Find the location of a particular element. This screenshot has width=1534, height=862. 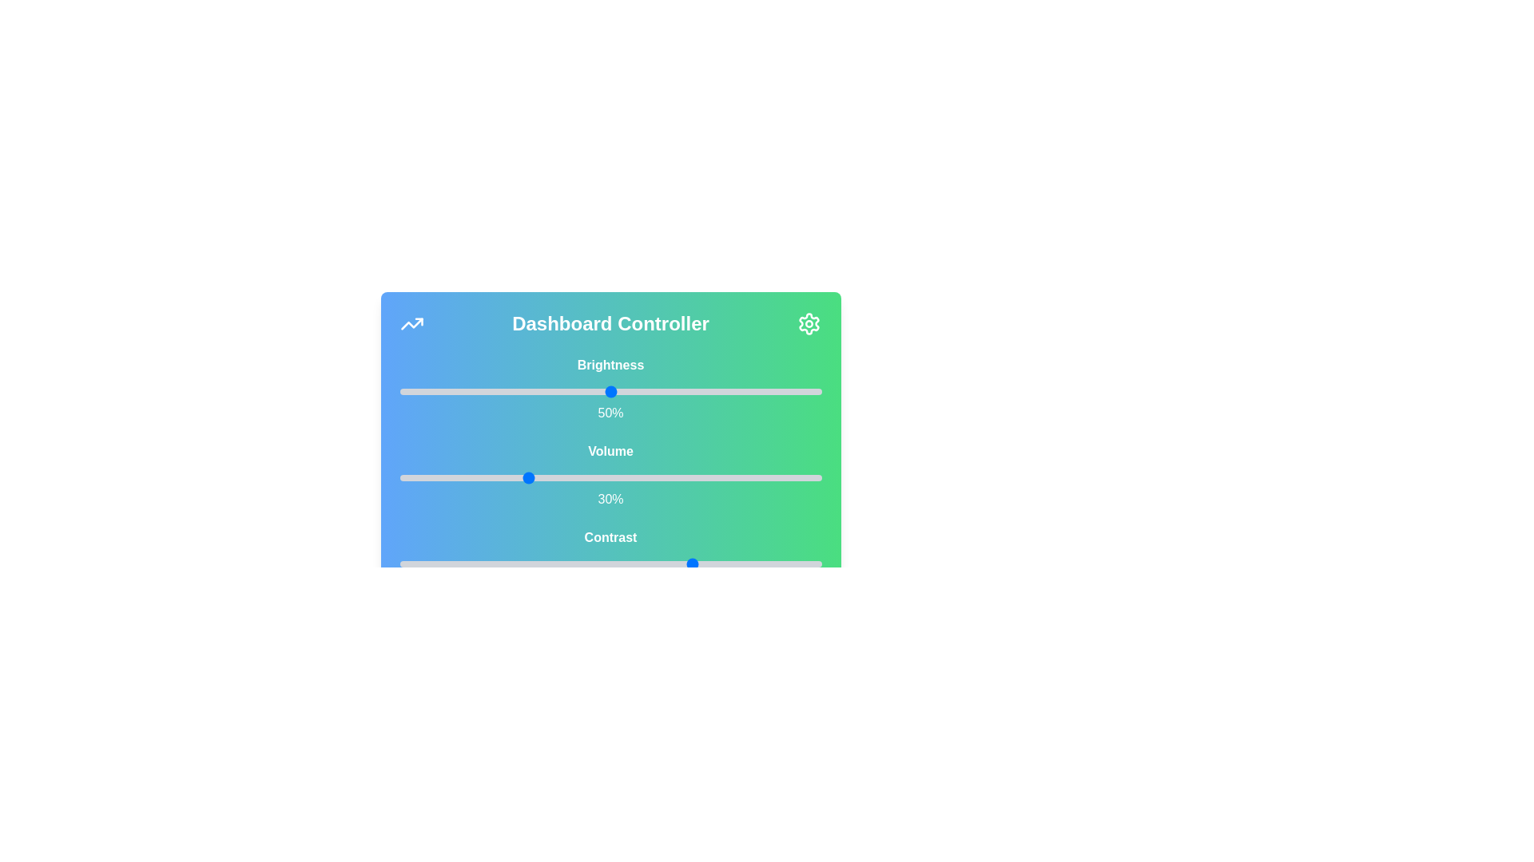

the volume slider to 79% is located at coordinates (732, 476).